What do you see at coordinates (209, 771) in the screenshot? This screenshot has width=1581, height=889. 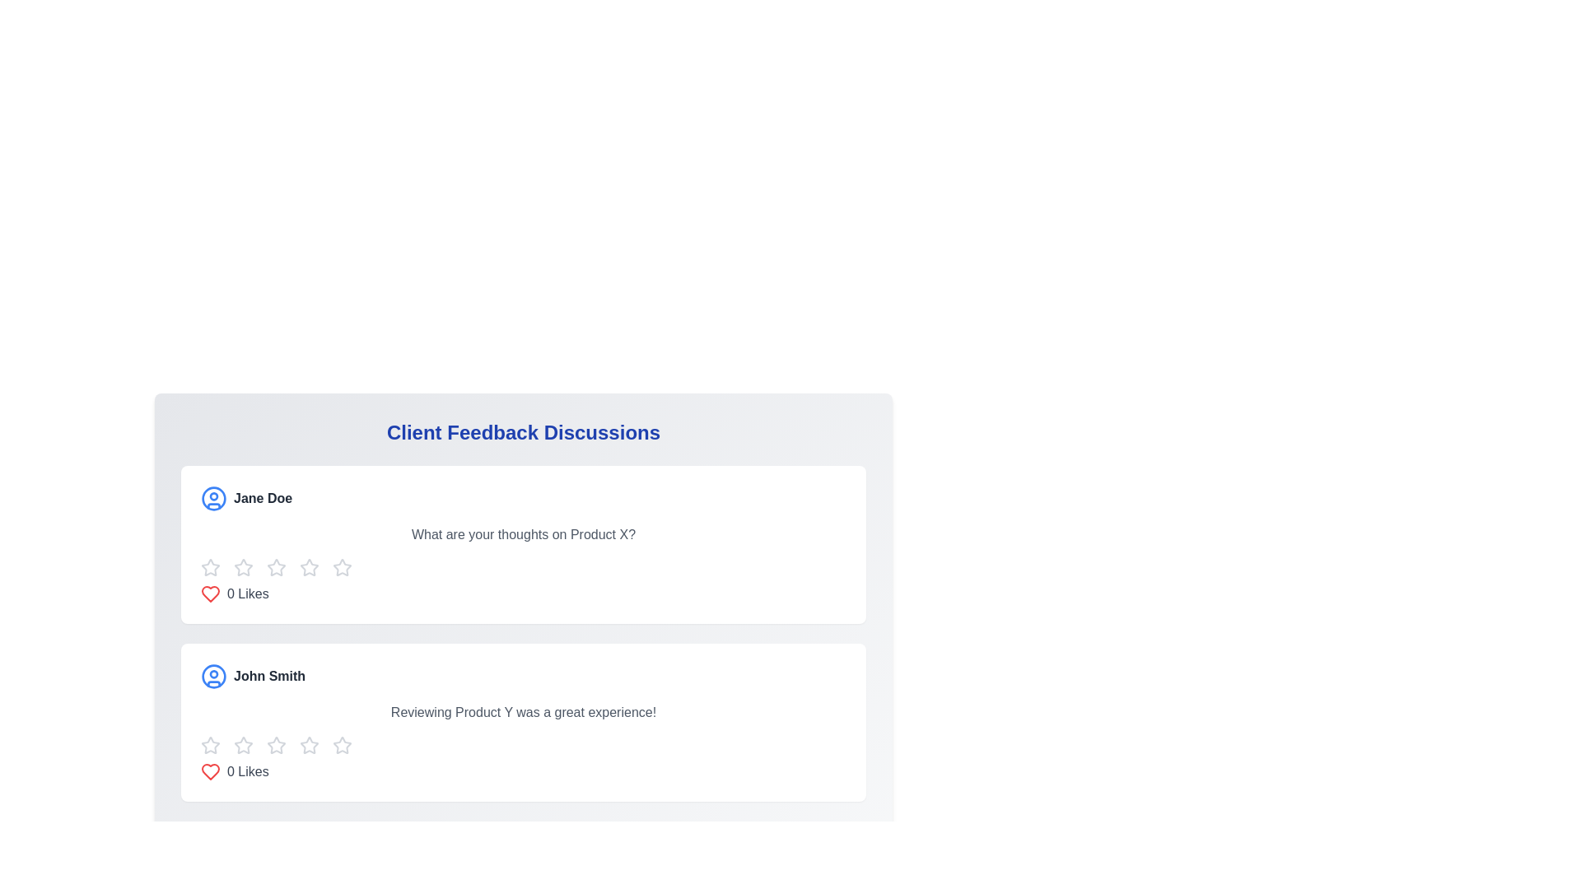 I see `the red heart-shaped icon button located in the lower-left side of the feedback card for user 'John Smith' to like the comment` at bounding box center [209, 771].